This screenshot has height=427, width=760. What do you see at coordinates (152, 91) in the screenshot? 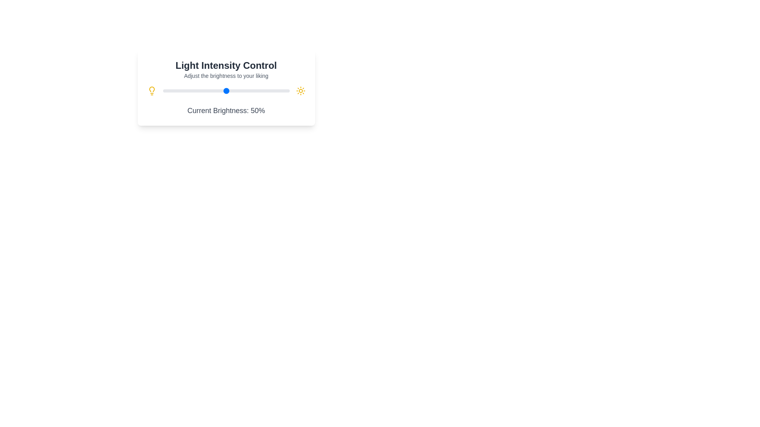
I see `the lightbulb icon to interact with it` at bounding box center [152, 91].